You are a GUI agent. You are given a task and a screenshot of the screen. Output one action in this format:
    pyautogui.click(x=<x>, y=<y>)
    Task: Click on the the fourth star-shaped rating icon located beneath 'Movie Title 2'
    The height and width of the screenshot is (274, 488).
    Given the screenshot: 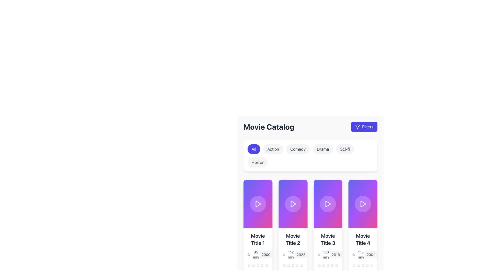 What is the action you would take?
    pyautogui.click(x=297, y=265)
    